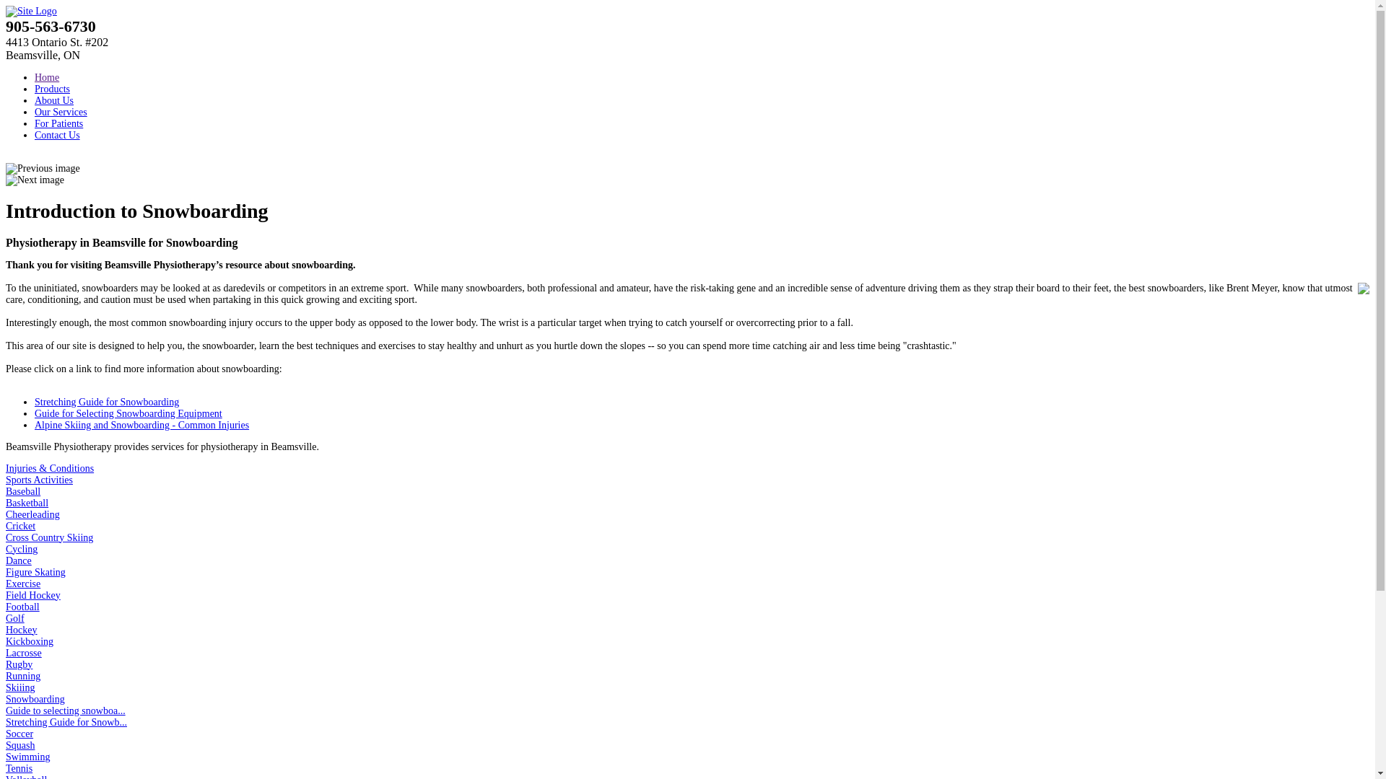 The image size is (1386, 779). What do you see at coordinates (23, 583) in the screenshot?
I see `'Exercise'` at bounding box center [23, 583].